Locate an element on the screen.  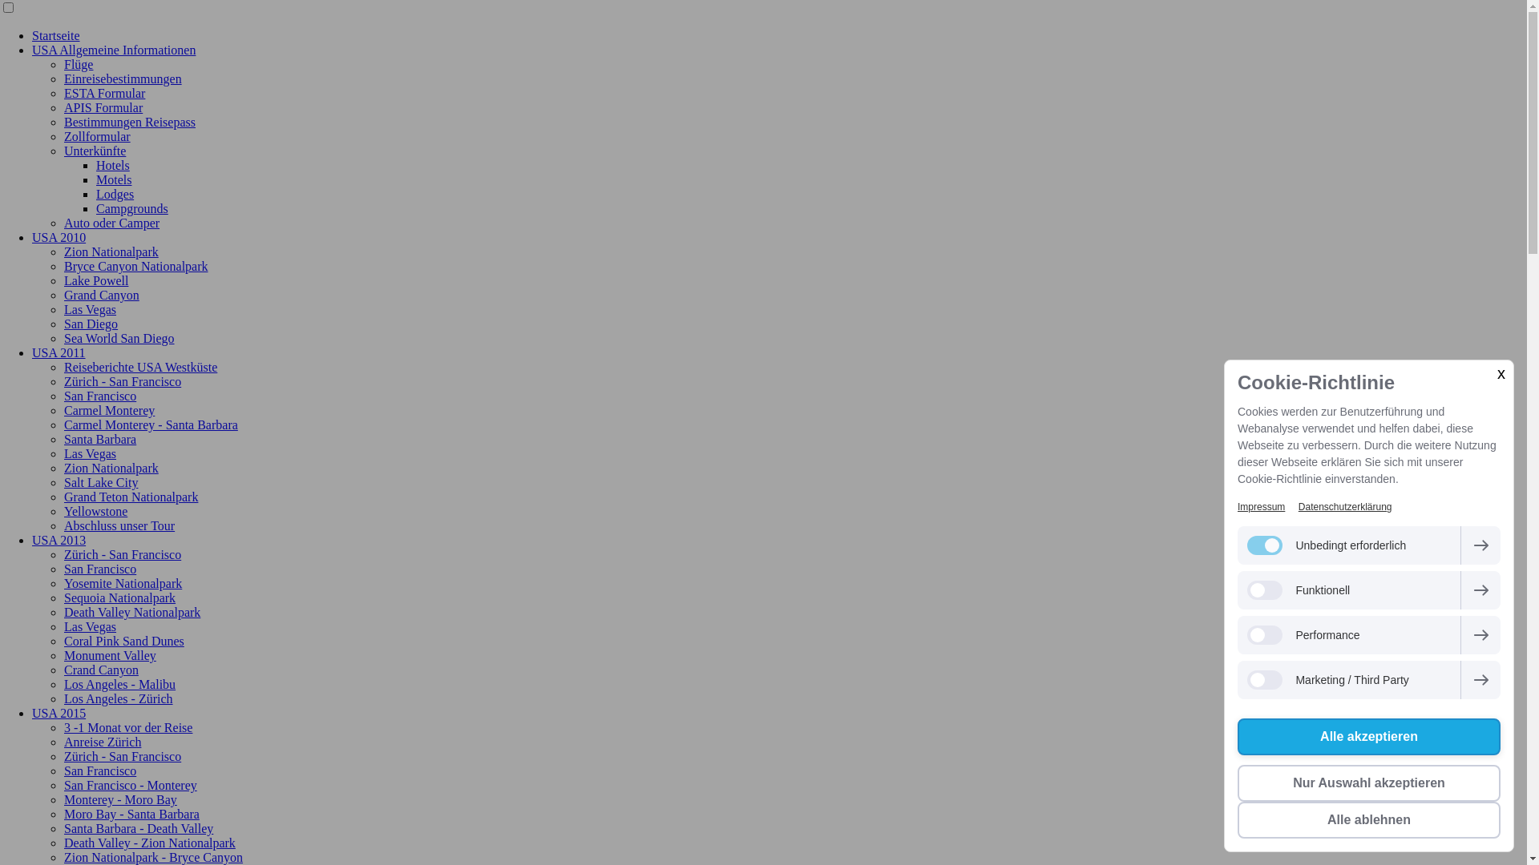
'USA 2015' is located at coordinates (31, 712).